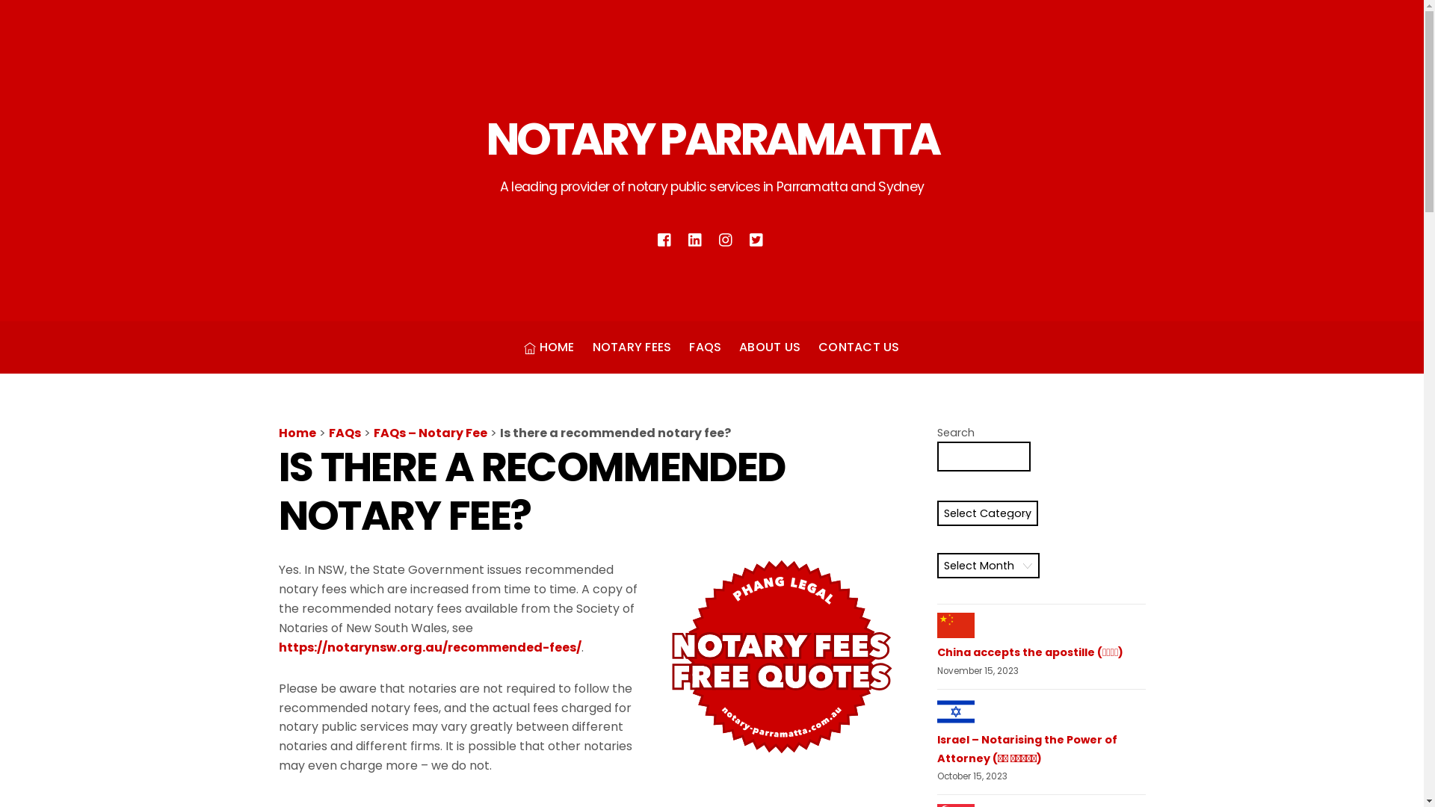 Image resolution: width=1435 pixels, height=807 pixels. Describe the element at coordinates (712, 138) in the screenshot. I see `'NOTARY PARRAMATTA'` at that location.